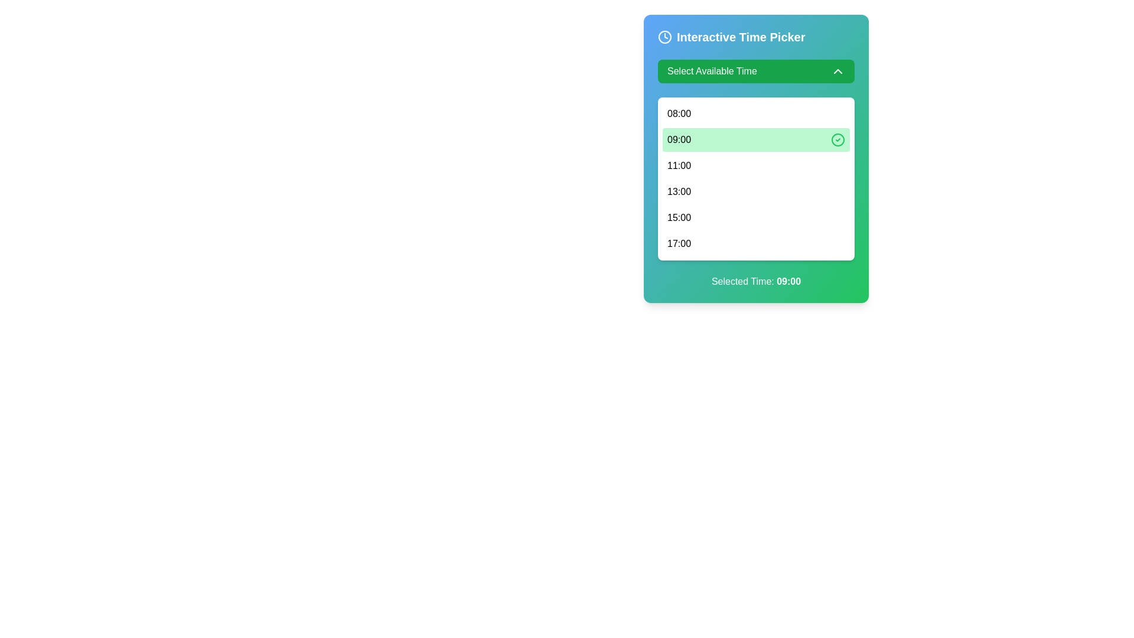 The width and height of the screenshot is (1134, 638). I want to click on the text label displaying '13:00', so click(679, 191).